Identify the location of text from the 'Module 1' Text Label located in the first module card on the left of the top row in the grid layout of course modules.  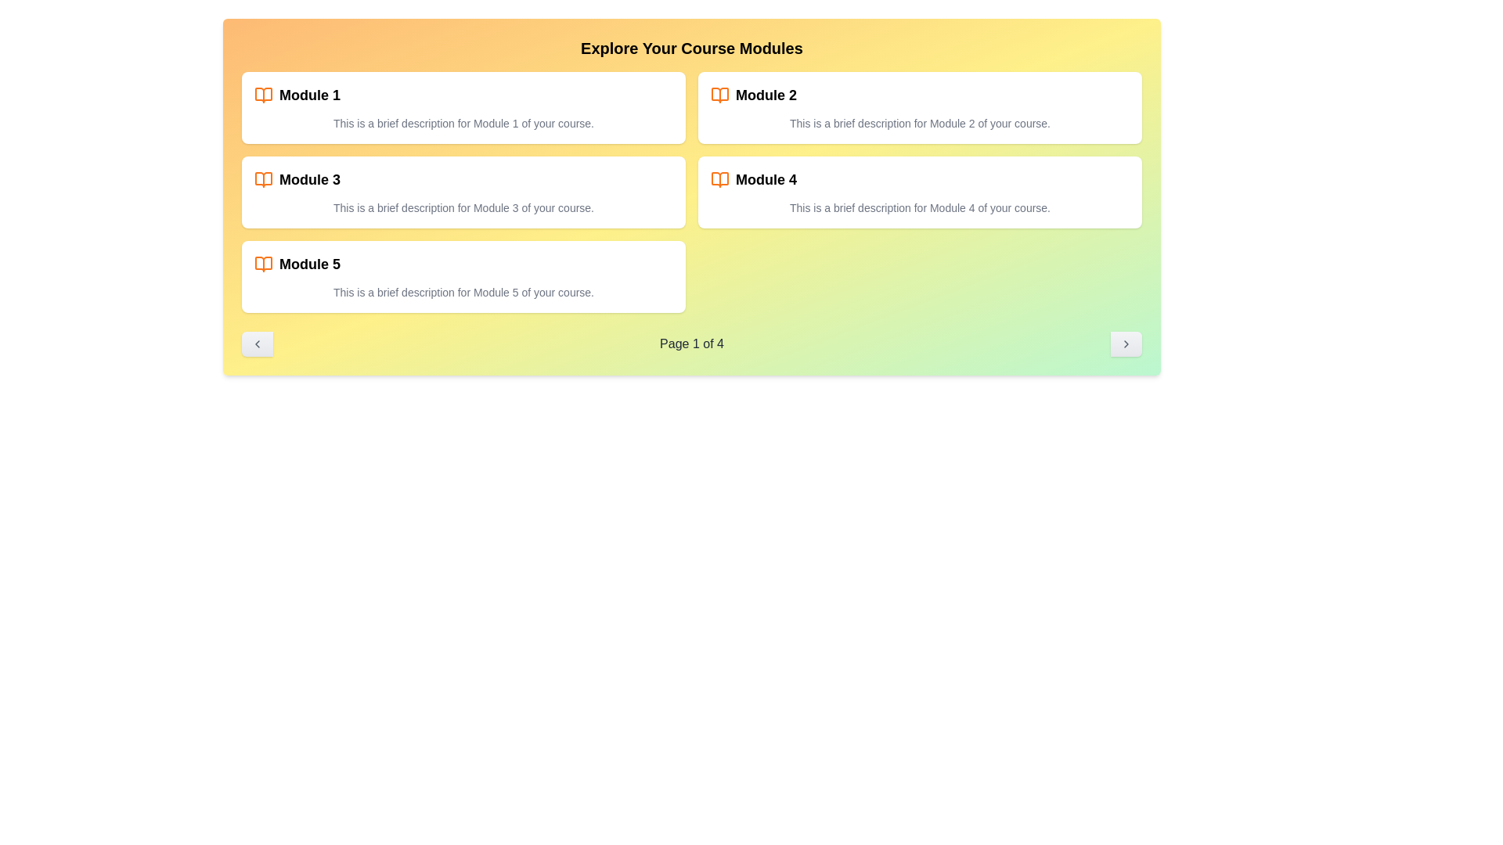
(310, 95).